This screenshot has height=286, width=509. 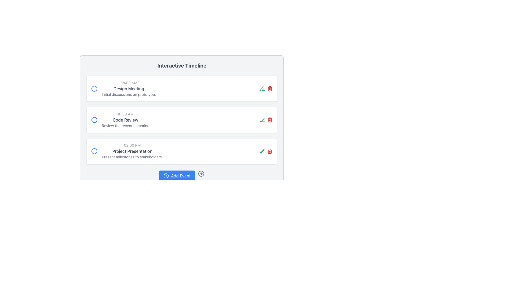 I want to click on the scheduled timeline event for 'Code Review' at '10:00 AM', so click(x=125, y=120).